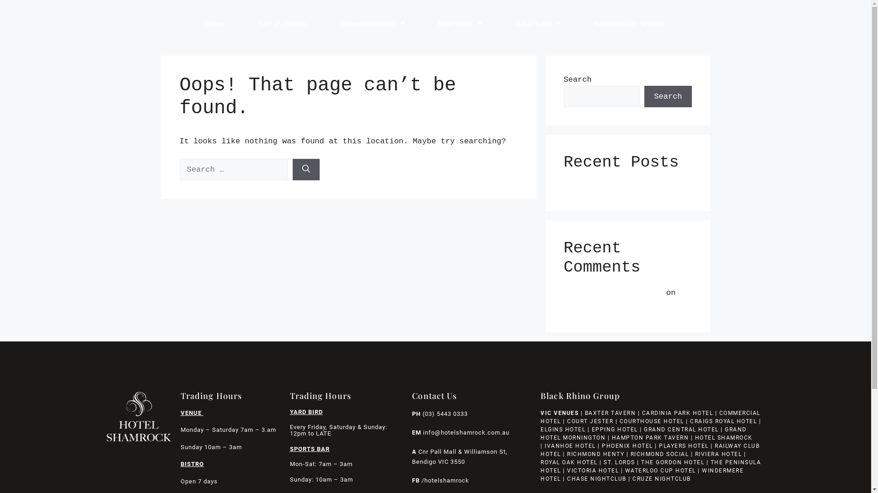 The image size is (878, 493). I want to click on 'PHOENIX HOTEL', so click(601, 445).